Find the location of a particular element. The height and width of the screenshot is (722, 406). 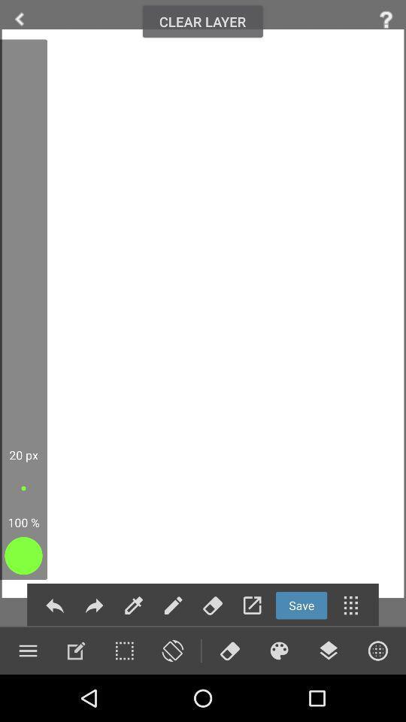

eyedrop tool is located at coordinates (134, 605).